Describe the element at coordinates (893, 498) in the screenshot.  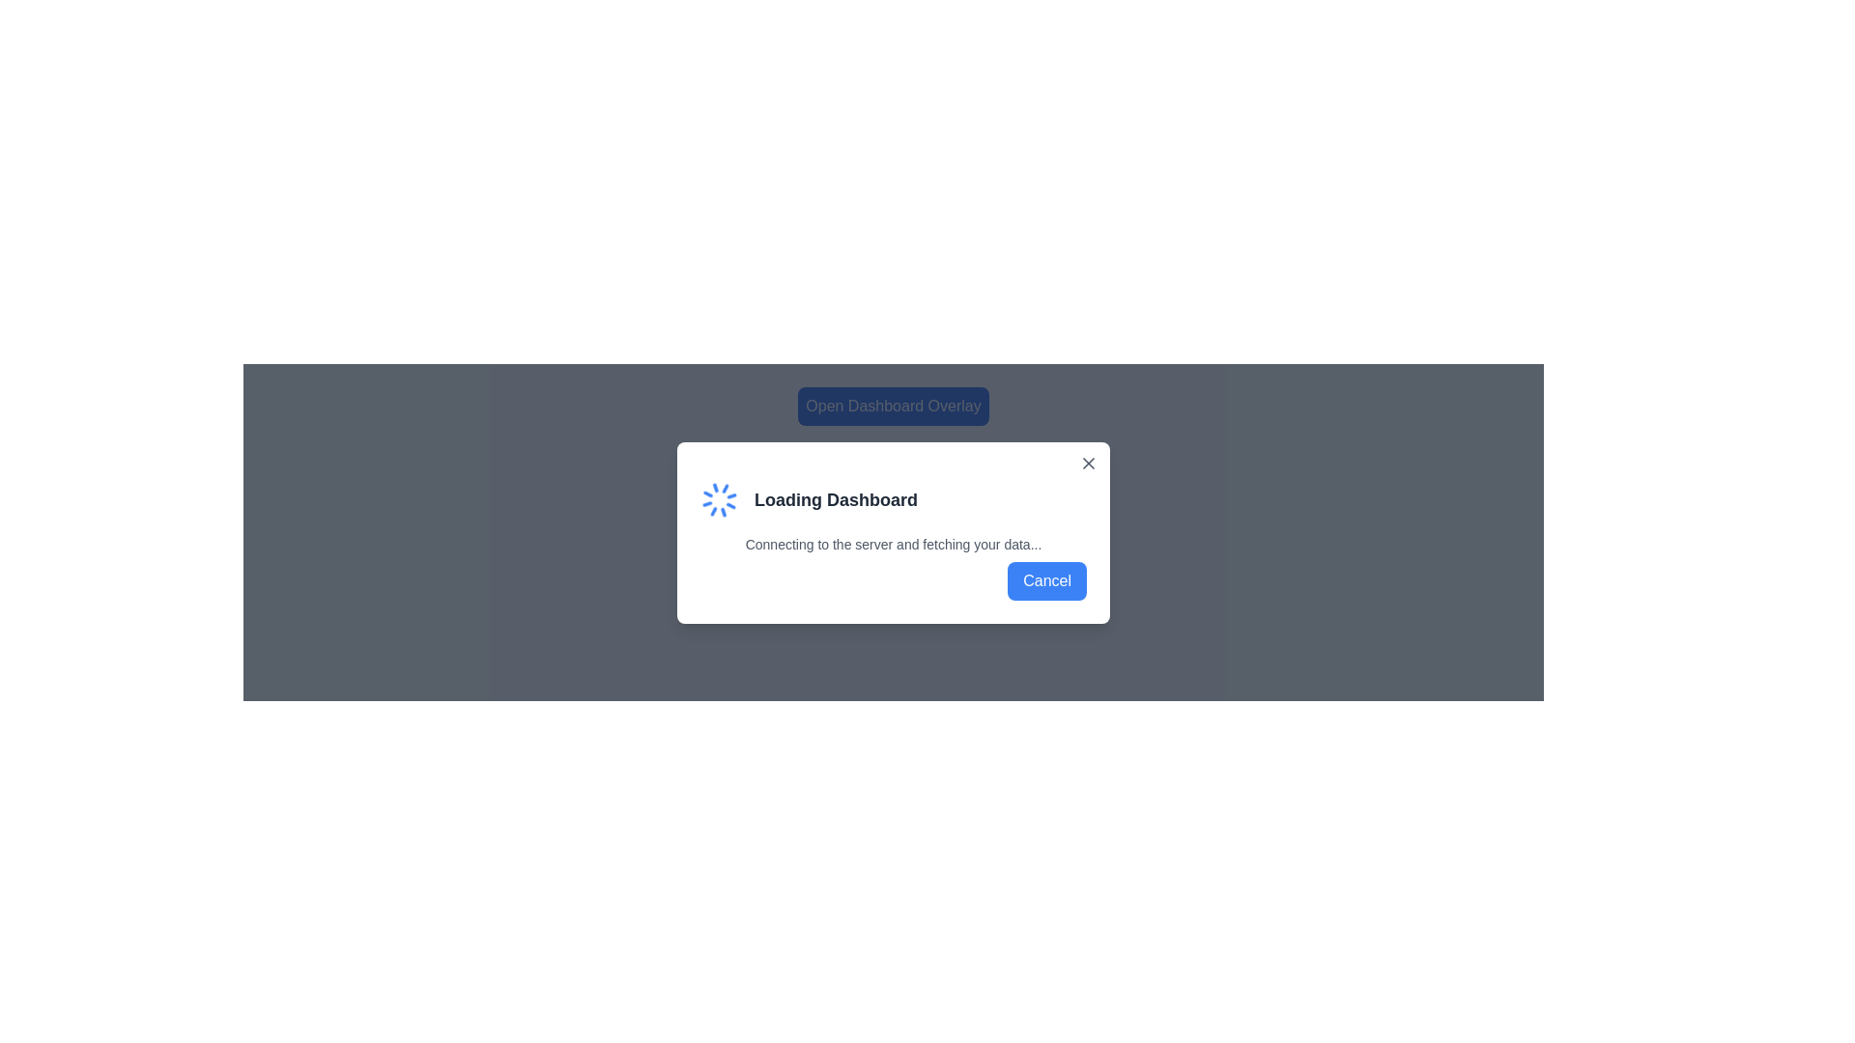
I see `the Informational Banner that indicates the dashboard is in a loading state, positioned at the top-center of the modal dialog, above the loading text and below the close button` at that location.